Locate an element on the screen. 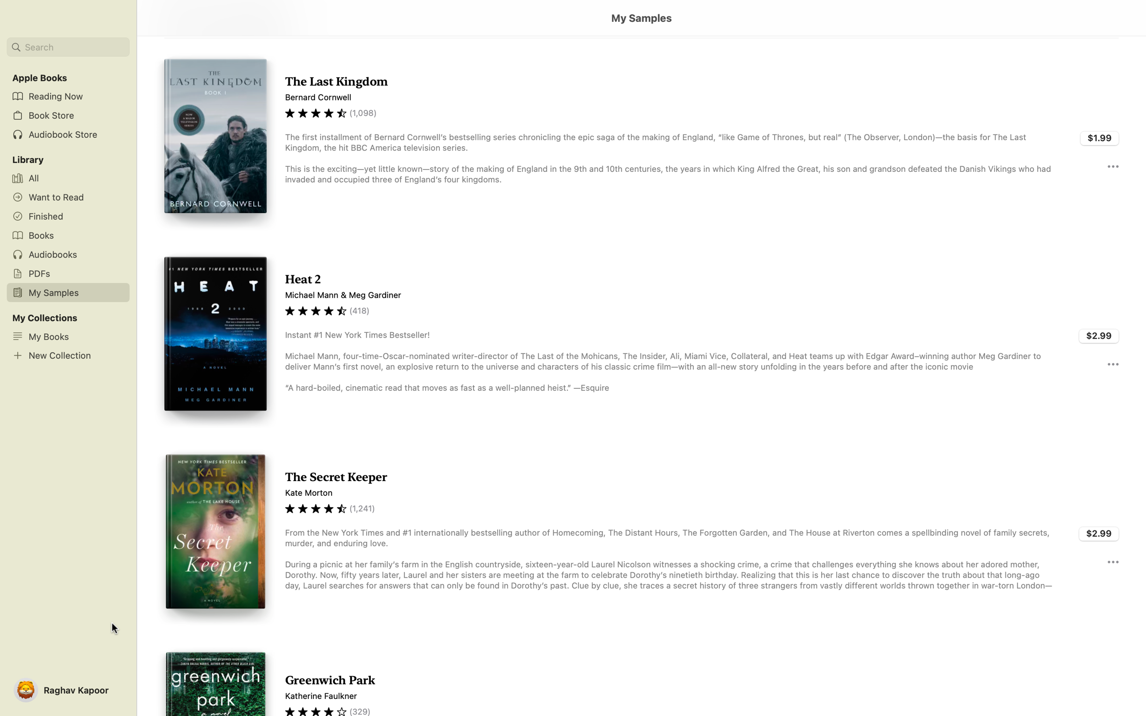 The height and width of the screenshot is (716, 1146). Buy complete version of book "Secret Keeper is located at coordinates (1099, 532).